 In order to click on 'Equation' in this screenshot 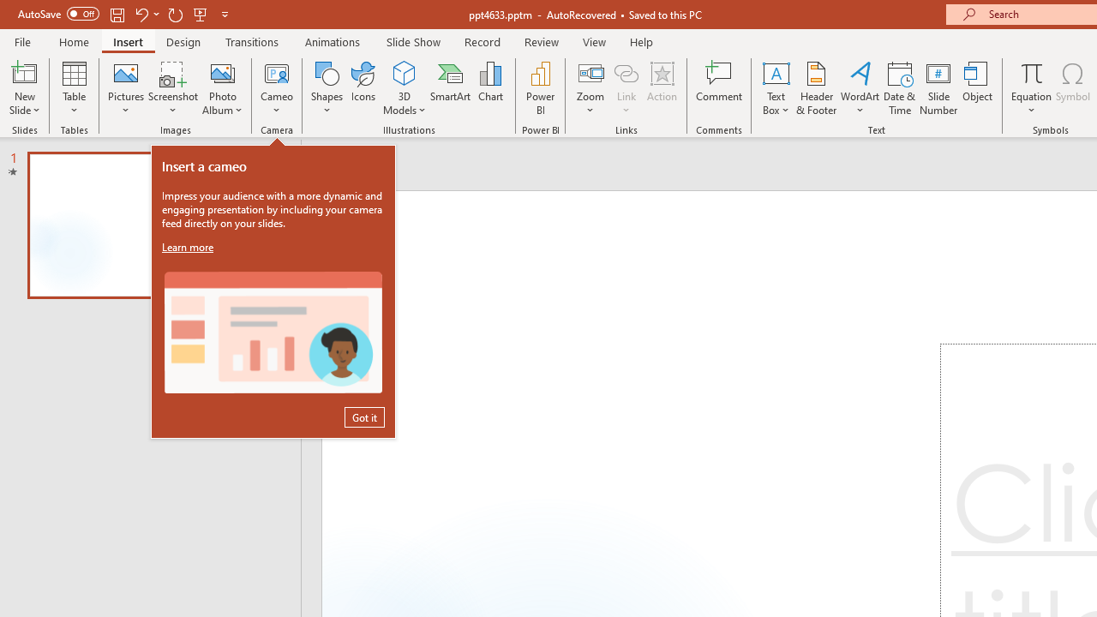, I will do `click(1030, 88)`.